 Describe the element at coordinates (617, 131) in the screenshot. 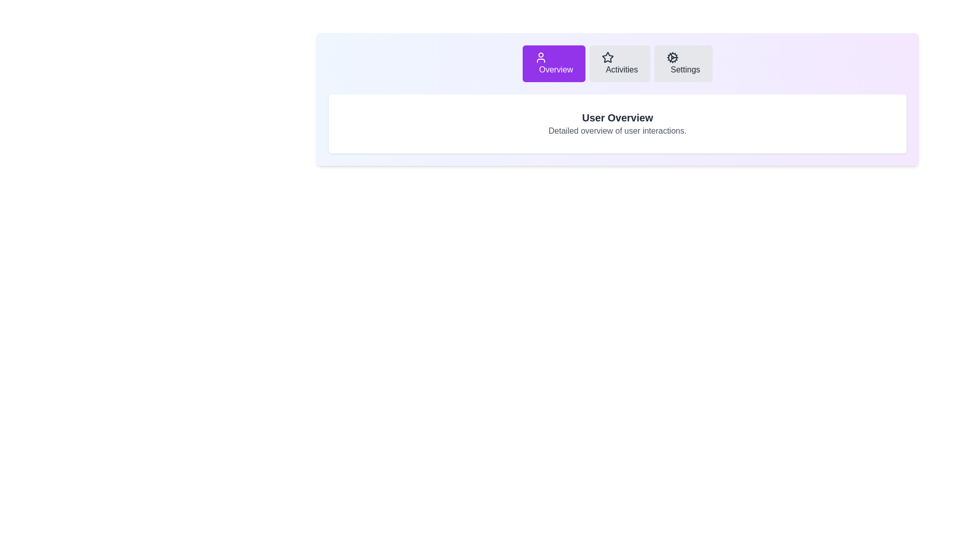

I see `text label that says 'Detailed overview of user interactions.' located below 'User Overview.'` at that location.